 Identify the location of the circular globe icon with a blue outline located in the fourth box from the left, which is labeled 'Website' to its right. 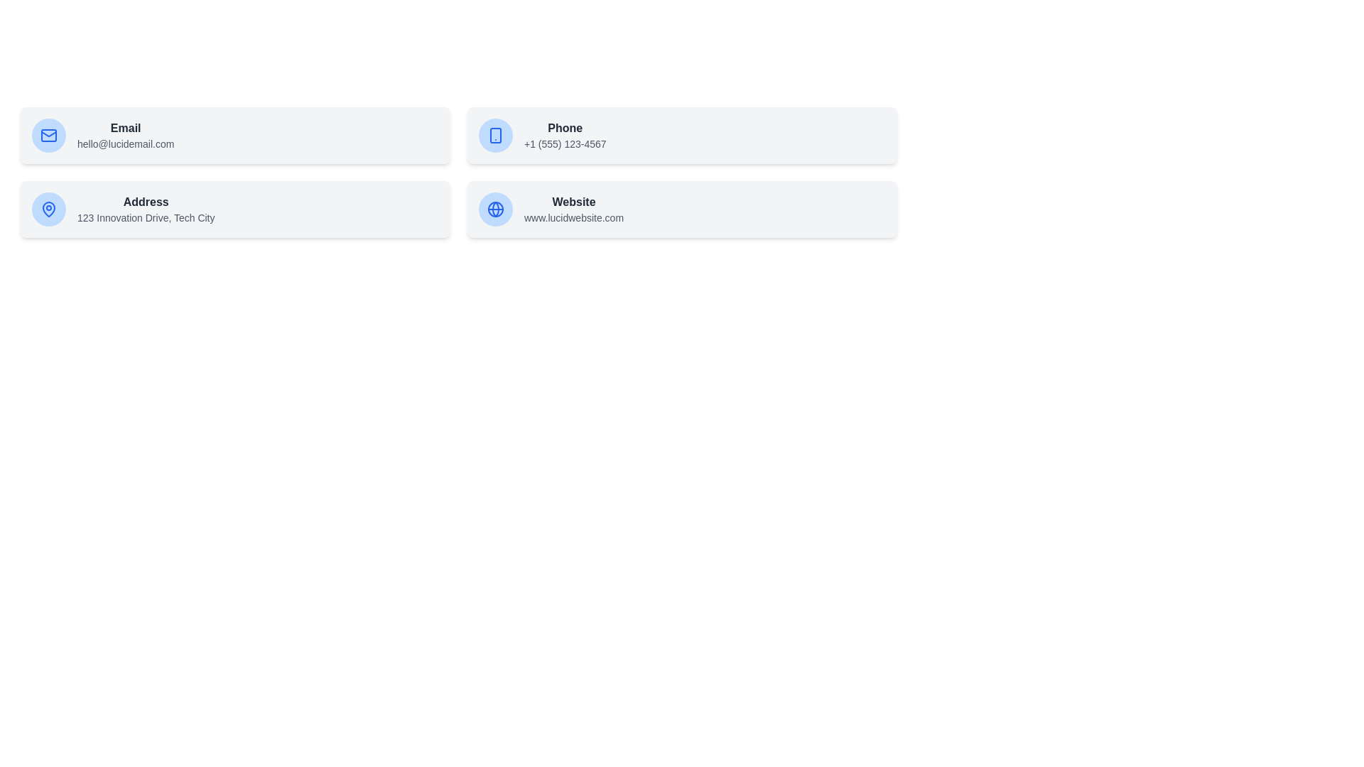
(495, 209).